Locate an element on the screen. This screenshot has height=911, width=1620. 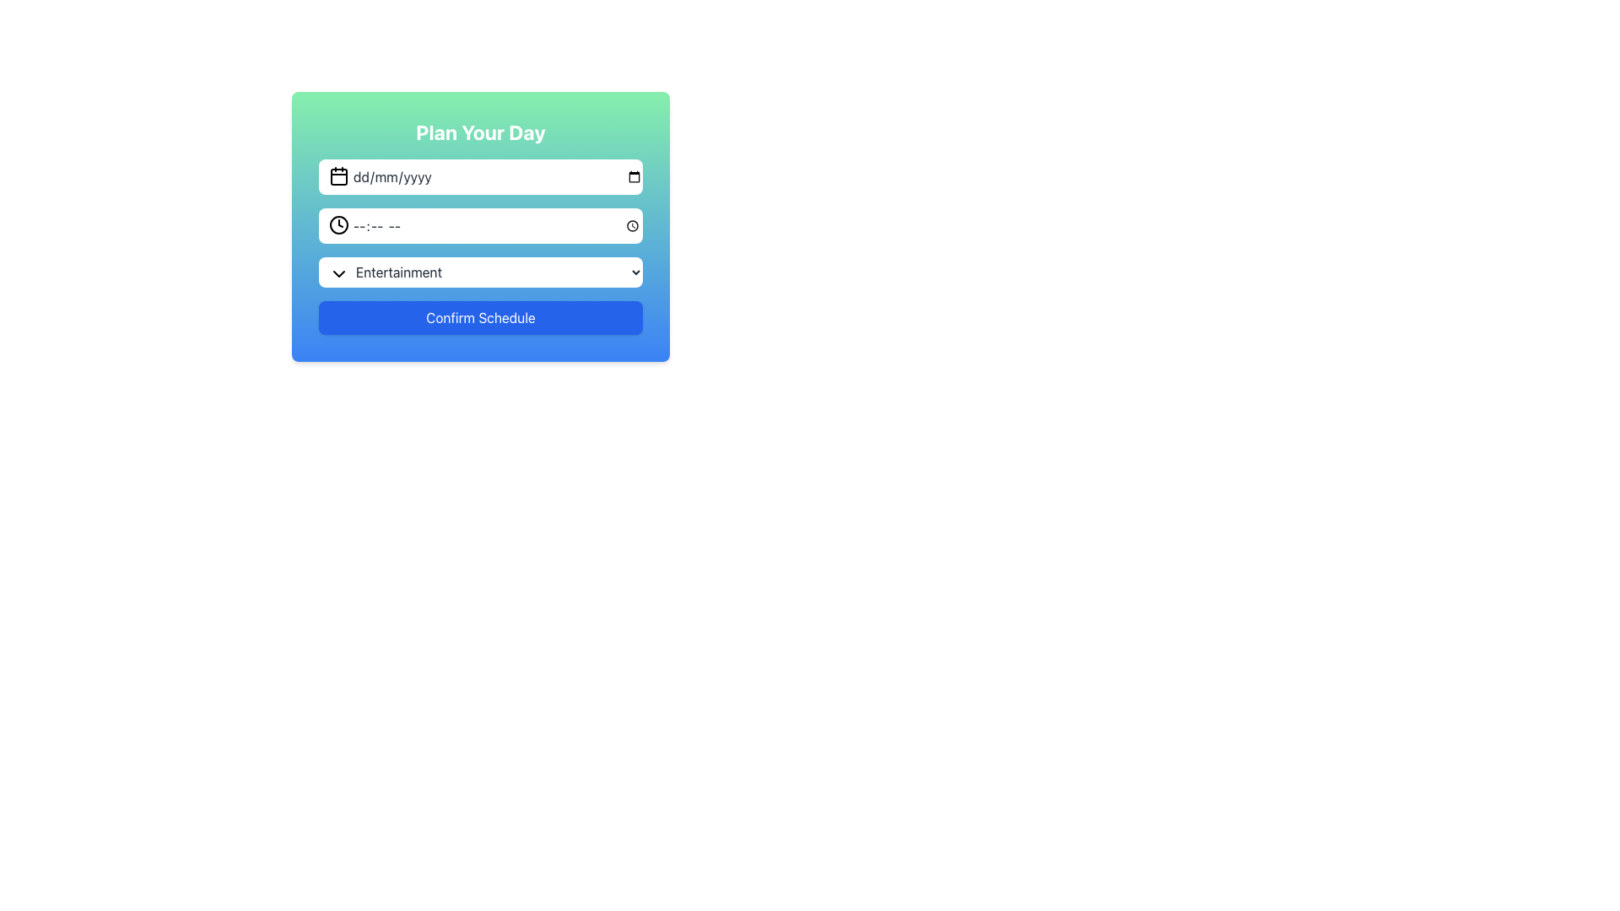
the outer frame of the clock icon, which is an SVG Circle is located at coordinates (338, 224).